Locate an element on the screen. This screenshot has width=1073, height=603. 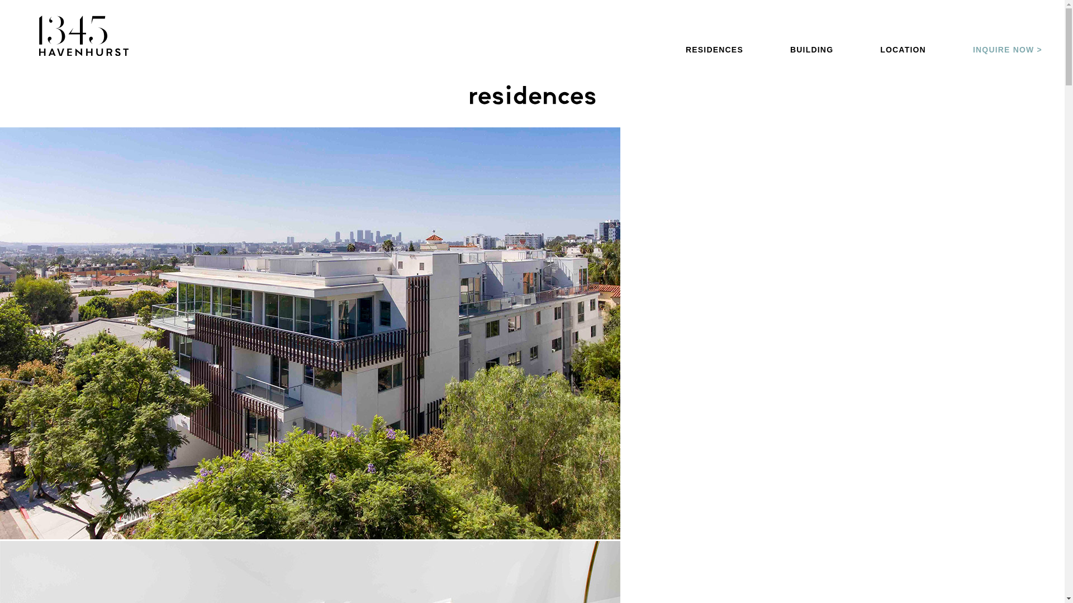
'BUILDING' is located at coordinates (790, 49).